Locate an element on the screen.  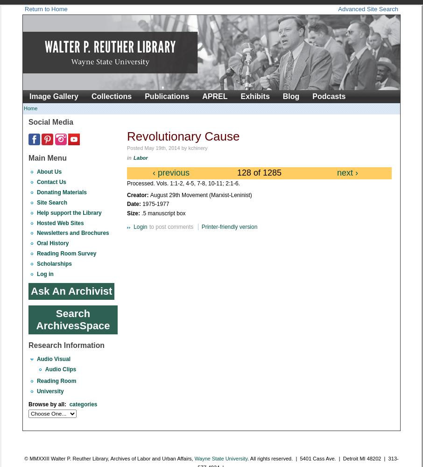
'Hosted Web Sites' is located at coordinates (59, 222).